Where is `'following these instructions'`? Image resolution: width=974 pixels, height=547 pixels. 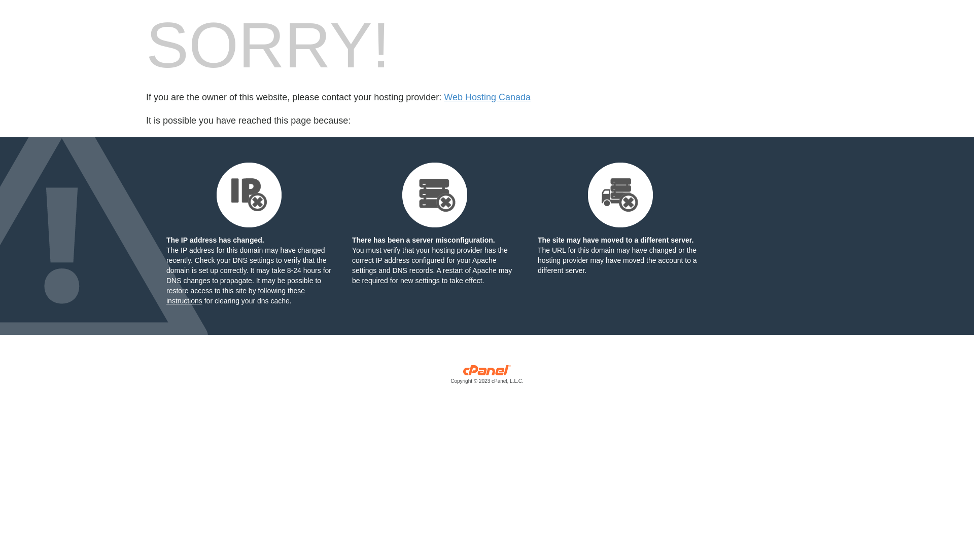 'following these instructions' is located at coordinates (235, 295).